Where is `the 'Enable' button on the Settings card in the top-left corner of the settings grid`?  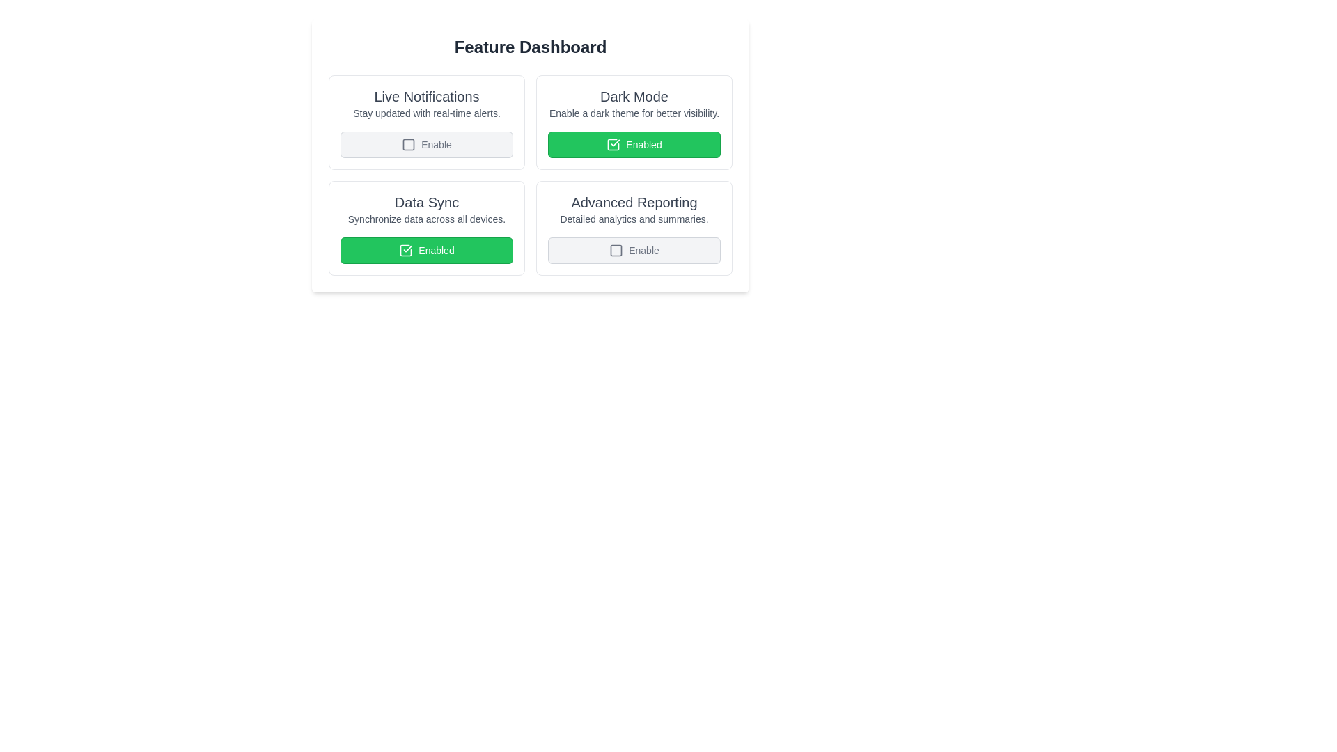 the 'Enable' button on the Settings card in the top-left corner of the settings grid is located at coordinates (426, 122).